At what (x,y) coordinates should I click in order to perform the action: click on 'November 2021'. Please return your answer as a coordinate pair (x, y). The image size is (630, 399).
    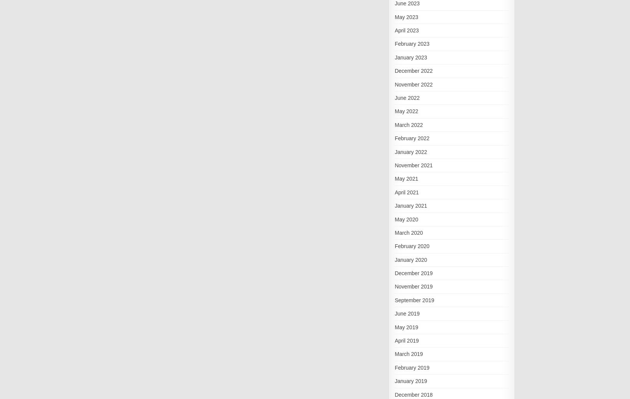
    Looking at the image, I should click on (394, 165).